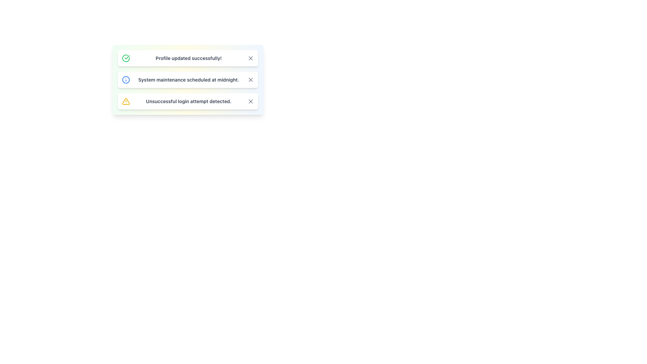 The image size is (647, 364). What do you see at coordinates (188, 79) in the screenshot?
I see `text from the notification block that displays 'System maintenance scheduled at midnight.' which is visually styled with a gradient background and centered in the UI` at bounding box center [188, 79].